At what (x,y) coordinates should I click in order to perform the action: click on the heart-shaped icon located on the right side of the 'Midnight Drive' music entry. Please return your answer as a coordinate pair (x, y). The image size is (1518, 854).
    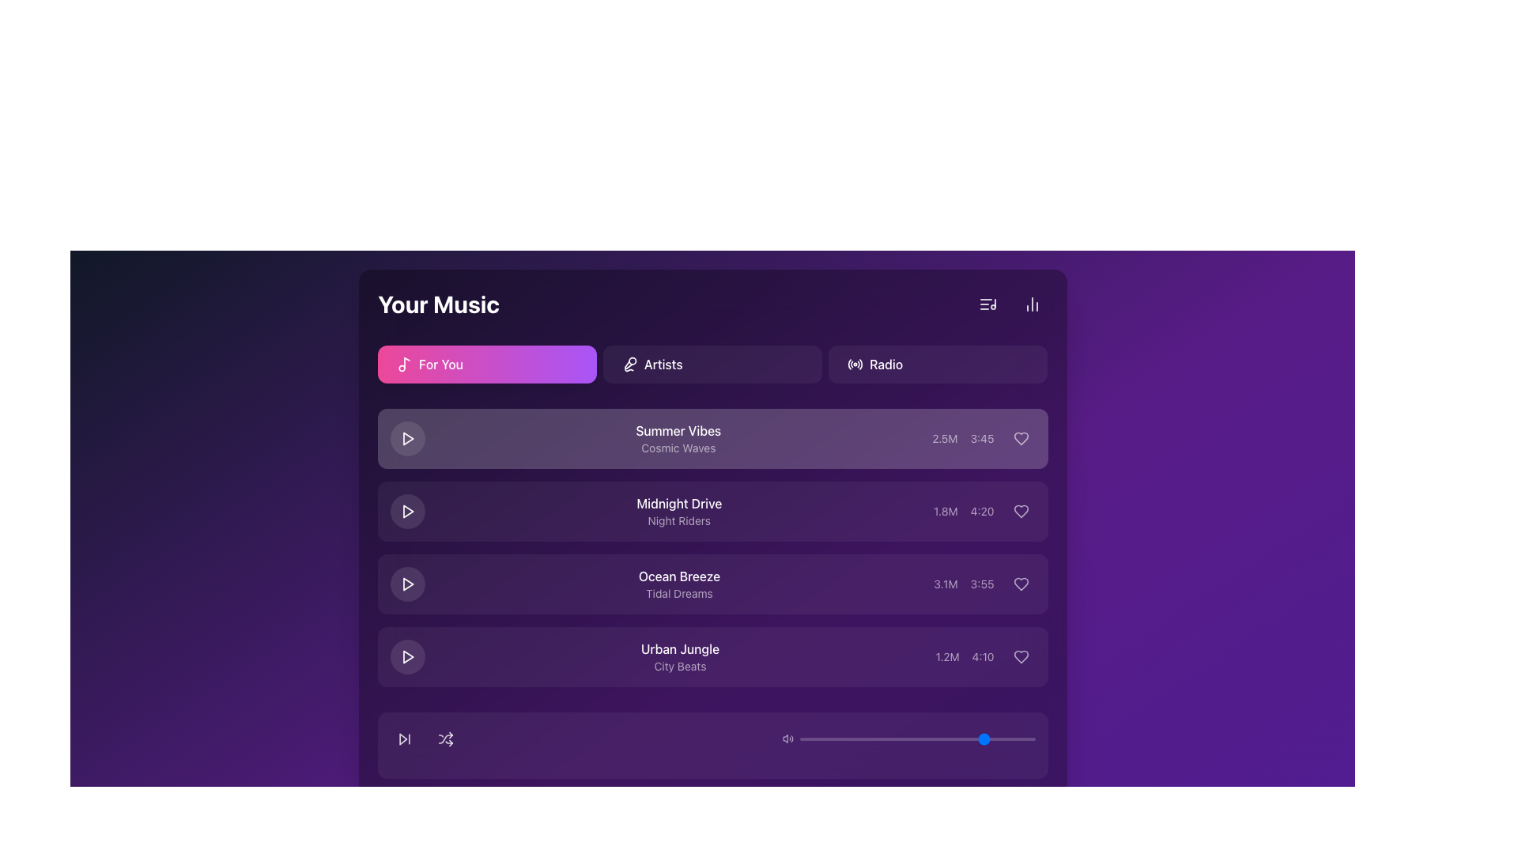
    Looking at the image, I should click on (1021, 512).